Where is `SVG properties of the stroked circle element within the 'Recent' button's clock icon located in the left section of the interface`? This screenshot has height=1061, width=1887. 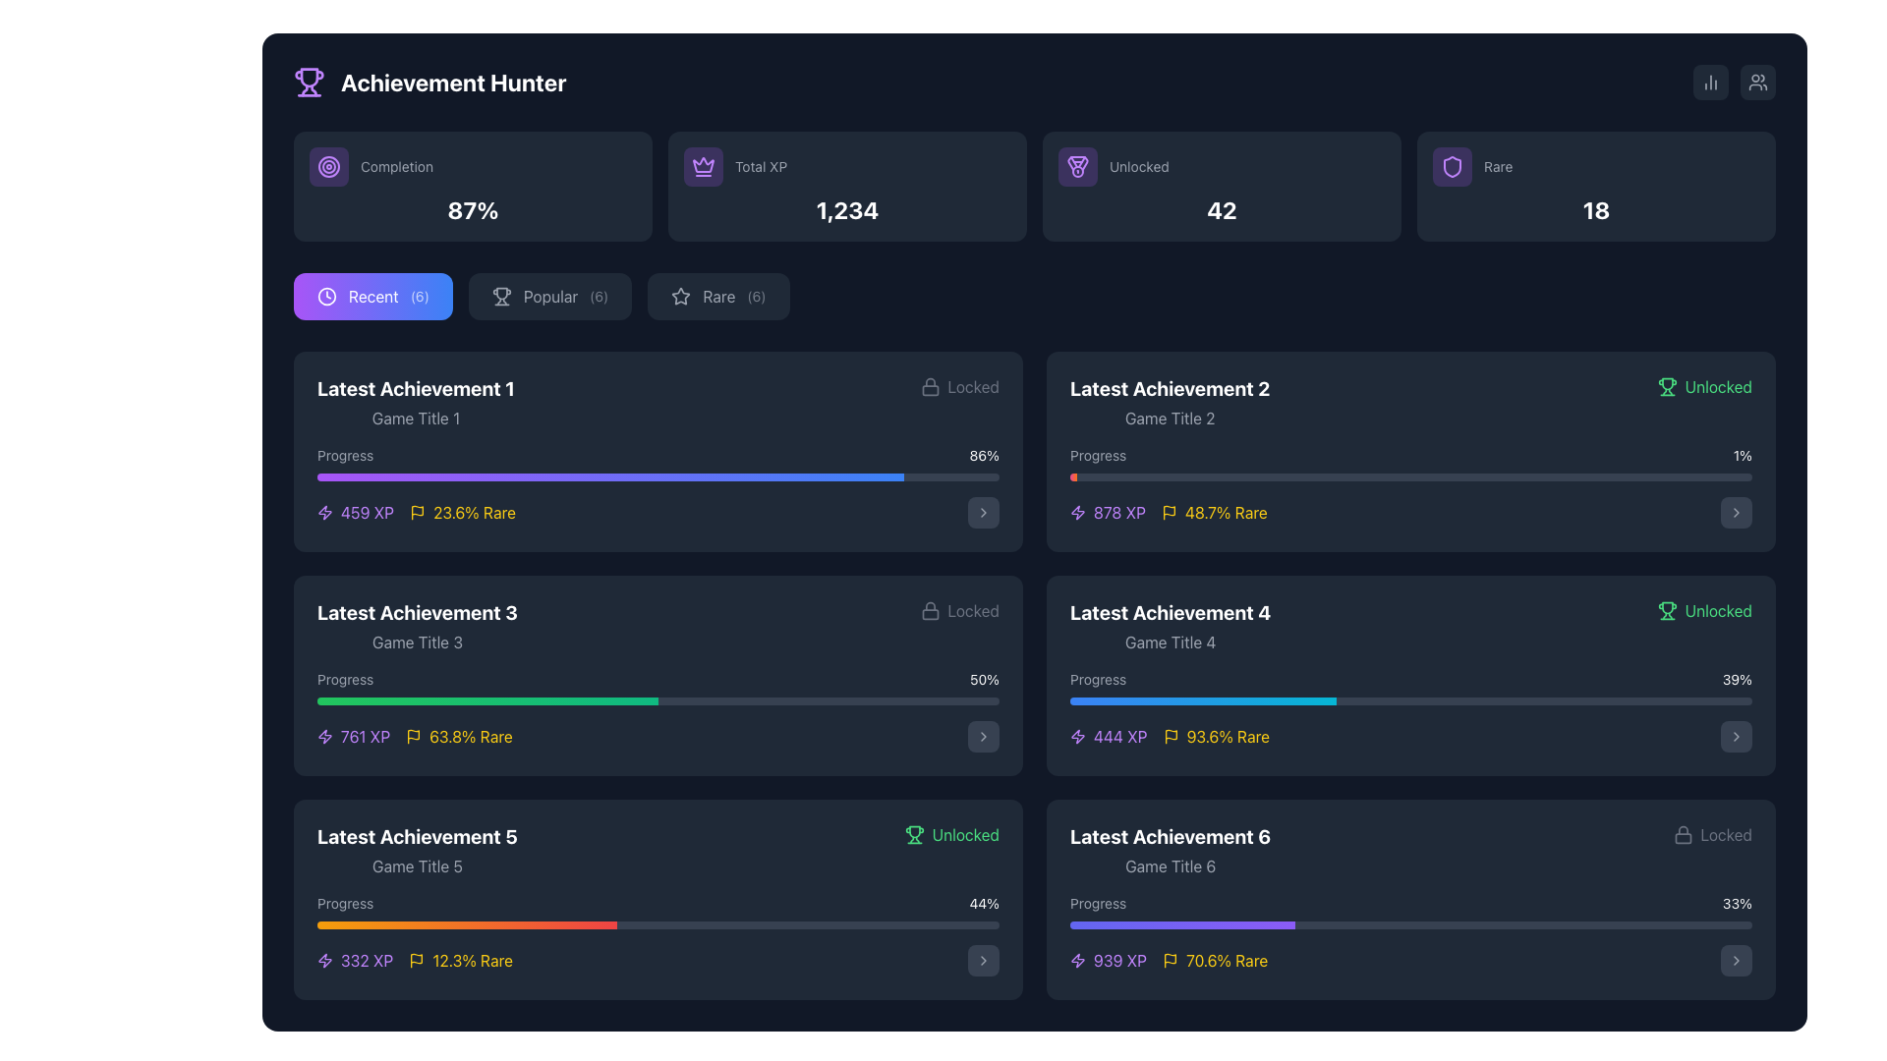
SVG properties of the stroked circle element within the 'Recent' button's clock icon located in the left section of the interface is located at coordinates (326, 296).